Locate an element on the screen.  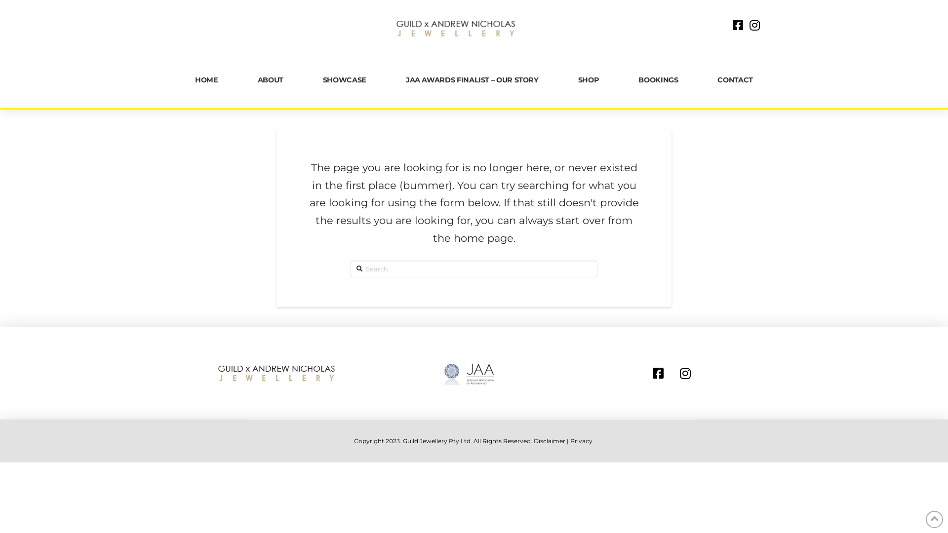
'CONTACT' is located at coordinates (707, 79).